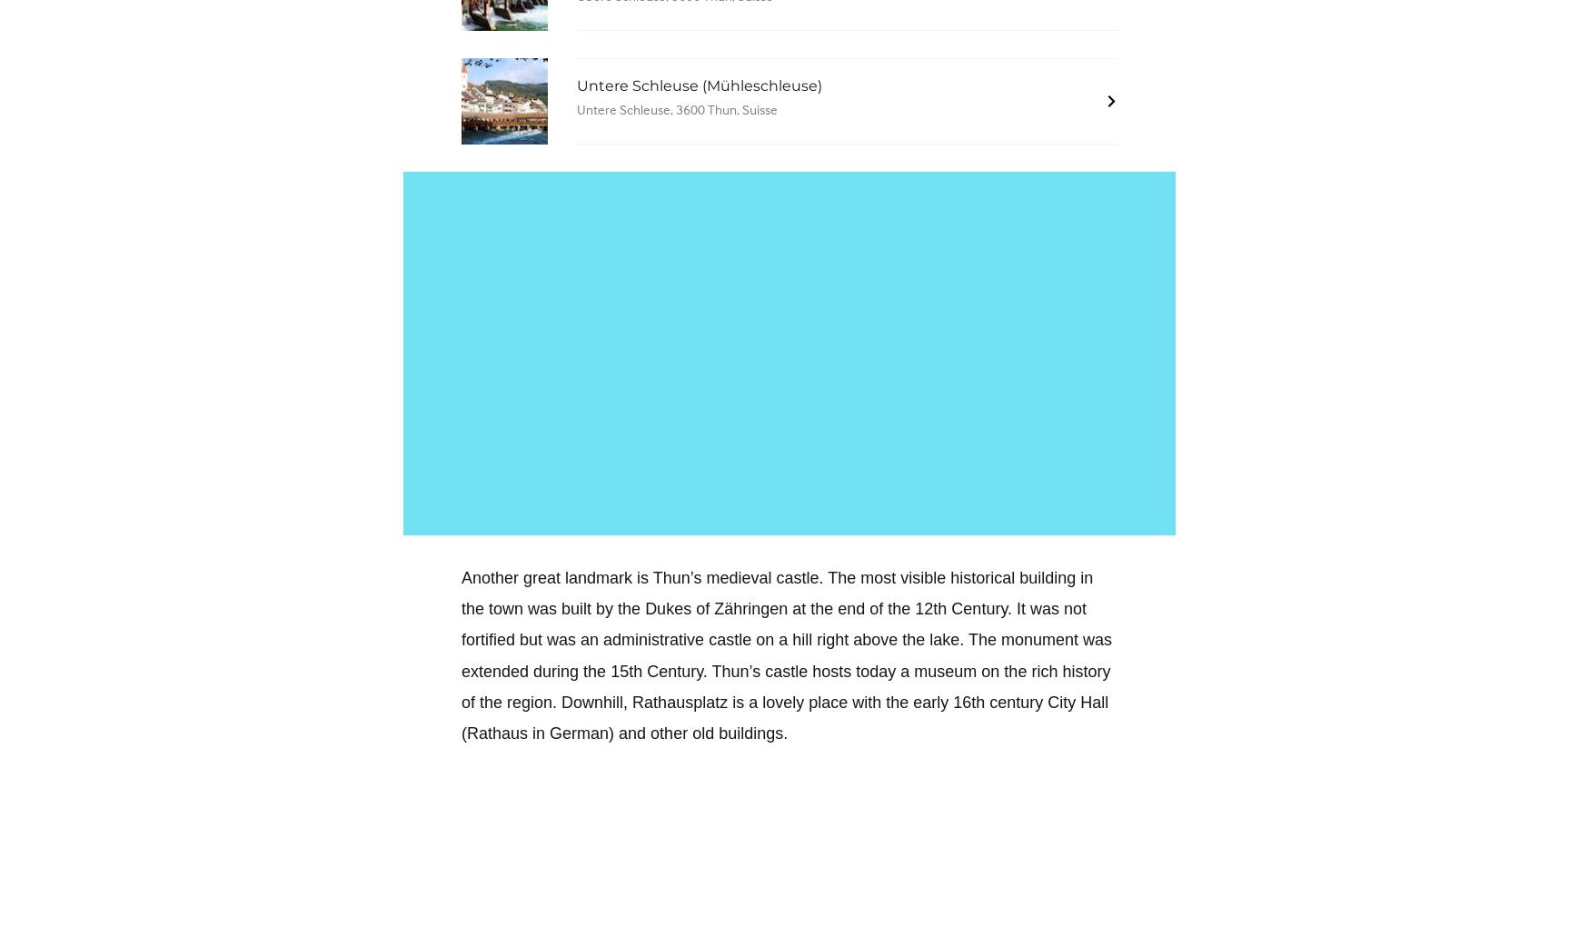 This screenshot has width=1579, height=938. What do you see at coordinates (787, 654) in the screenshot?
I see `'at the end of the 12th Century. It was not fortified but was an administrative castle on a hill right above the lake. The monument was extended during the 15th Century. Thun’s castle hosts today a museum on the rich history of the region.'` at bounding box center [787, 654].